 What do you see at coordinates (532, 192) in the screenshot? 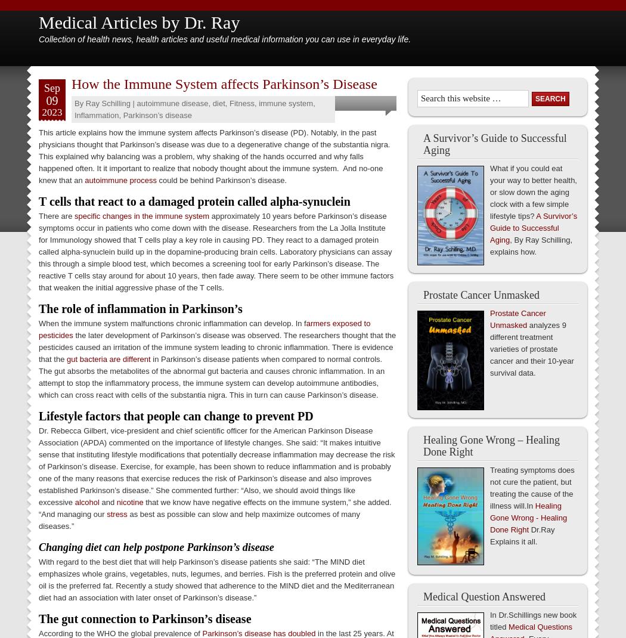
I see `'What if you could eat your way to better health, or slow down the aging clock with a few simple lifestyle tips?'` at bounding box center [532, 192].